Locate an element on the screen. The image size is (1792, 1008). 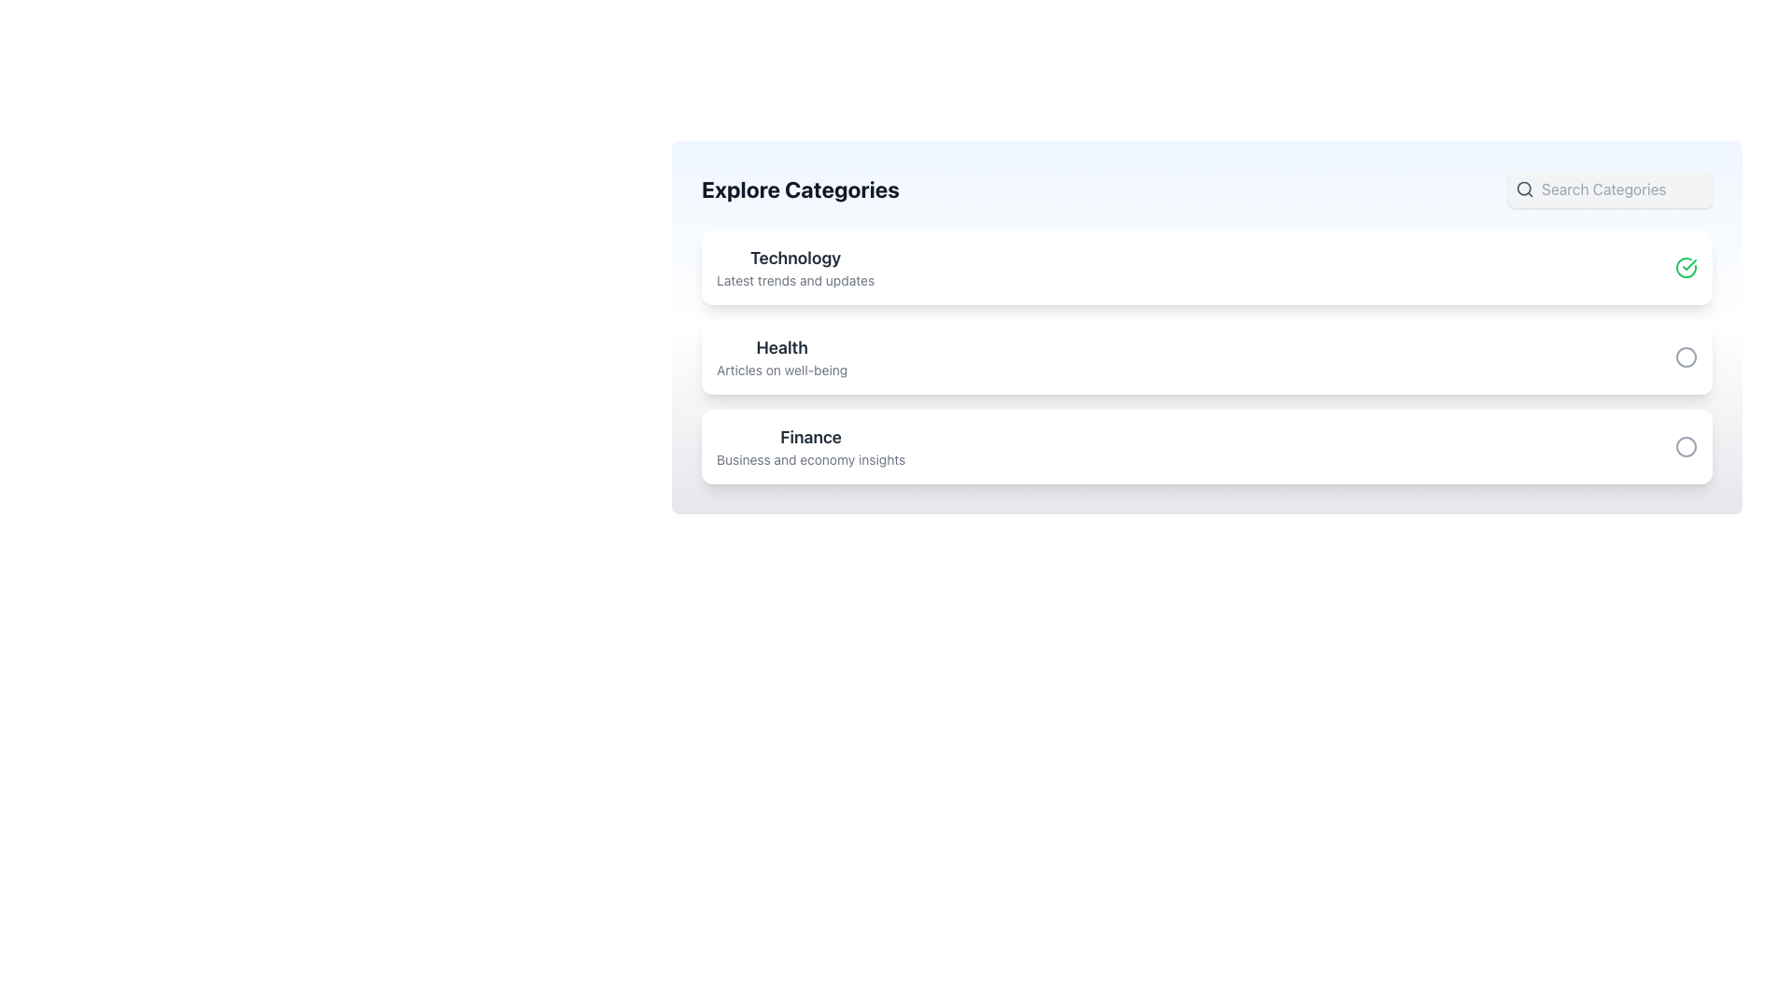
text label titled 'Health', which is styled in bold and large dark gray font, located above the subheading 'Articles on well-being' within the card layout under 'Explore Categories' is located at coordinates (782, 348).